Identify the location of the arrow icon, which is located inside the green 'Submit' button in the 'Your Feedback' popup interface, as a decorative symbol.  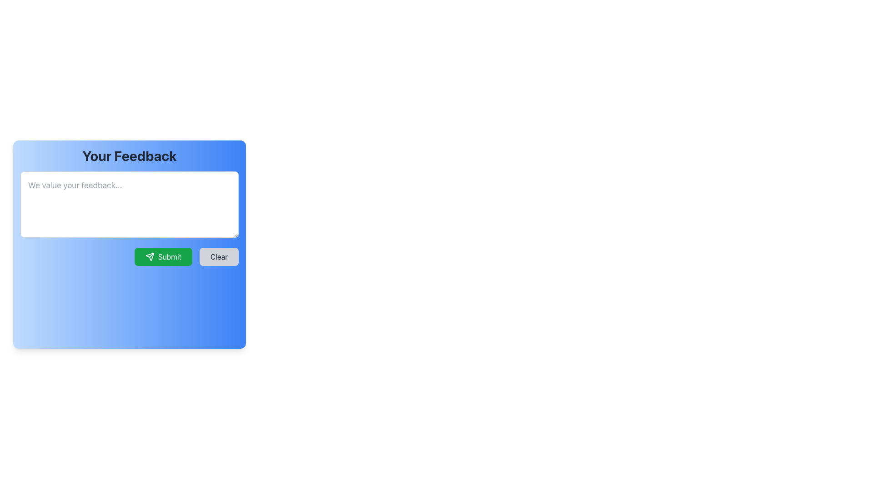
(150, 256).